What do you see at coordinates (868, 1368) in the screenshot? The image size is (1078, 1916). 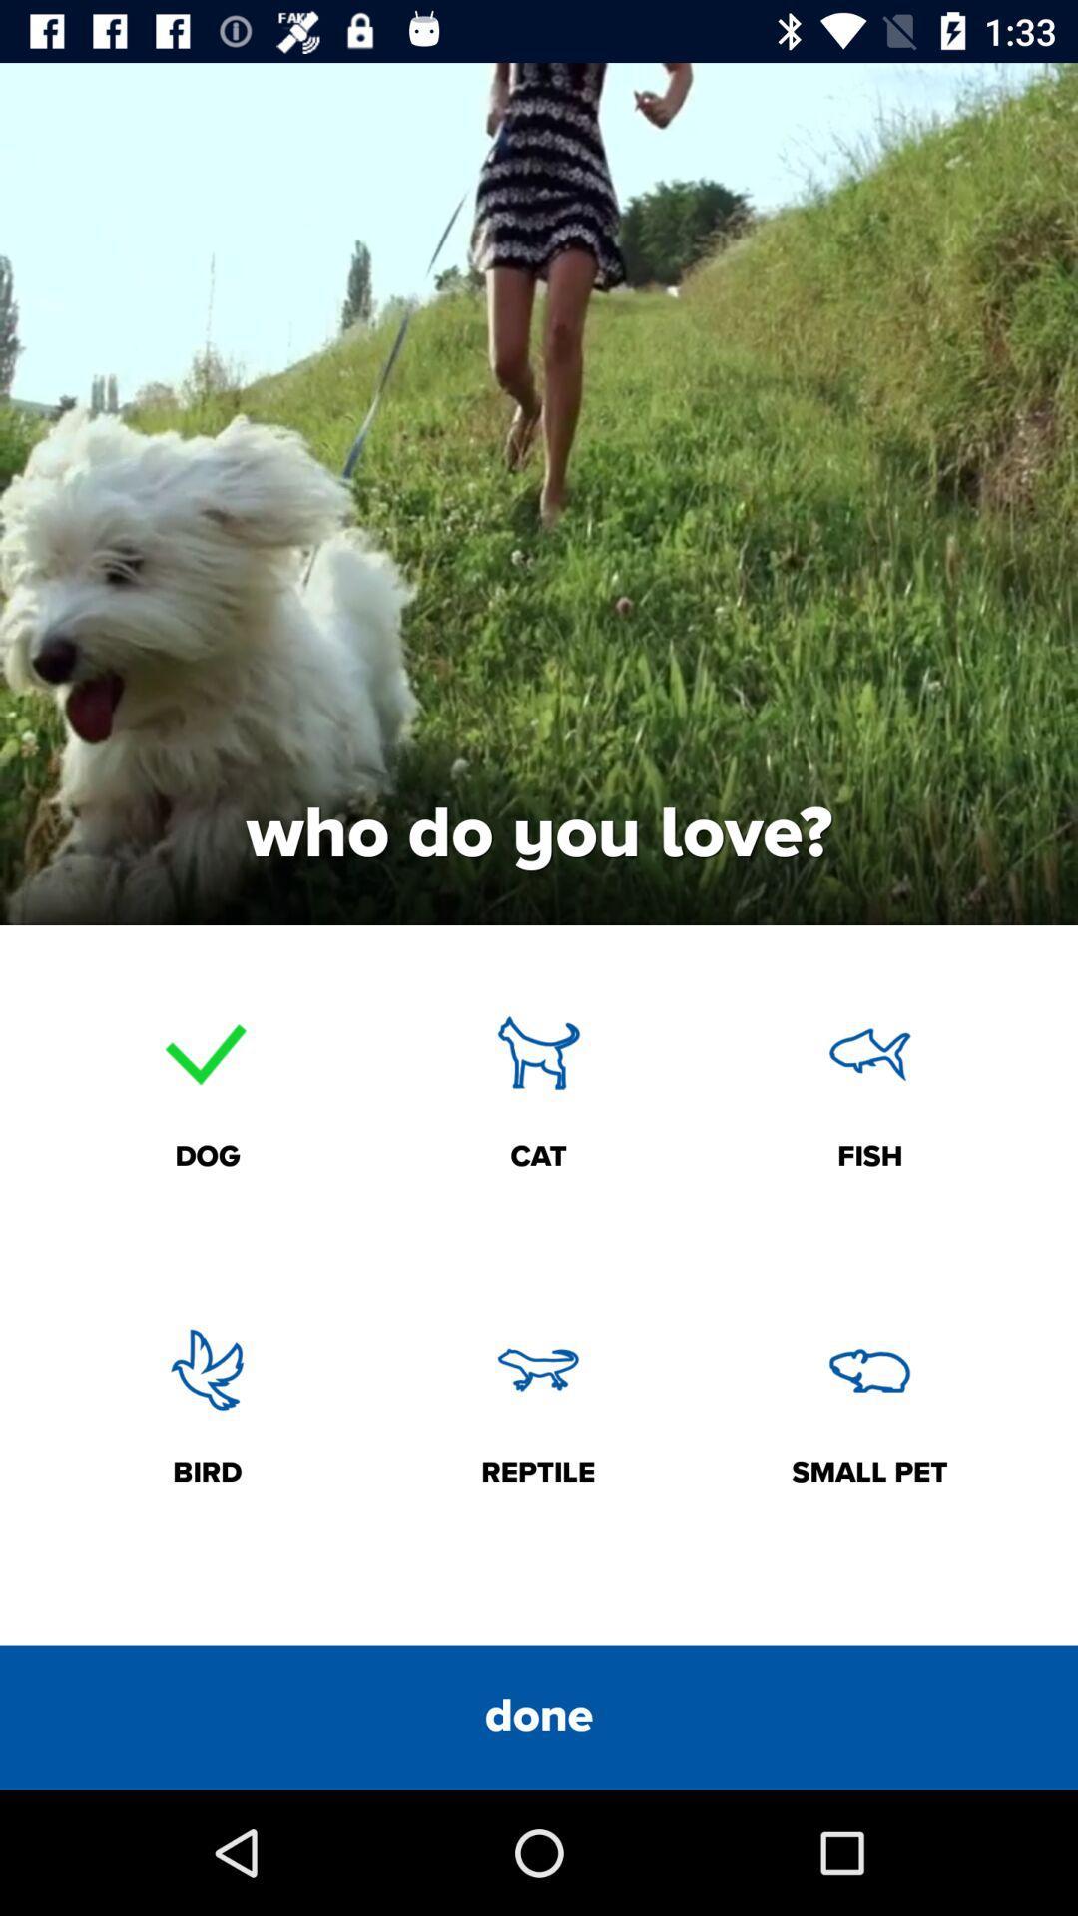 I see `the icon which is above the small pet` at bounding box center [868, 1368].